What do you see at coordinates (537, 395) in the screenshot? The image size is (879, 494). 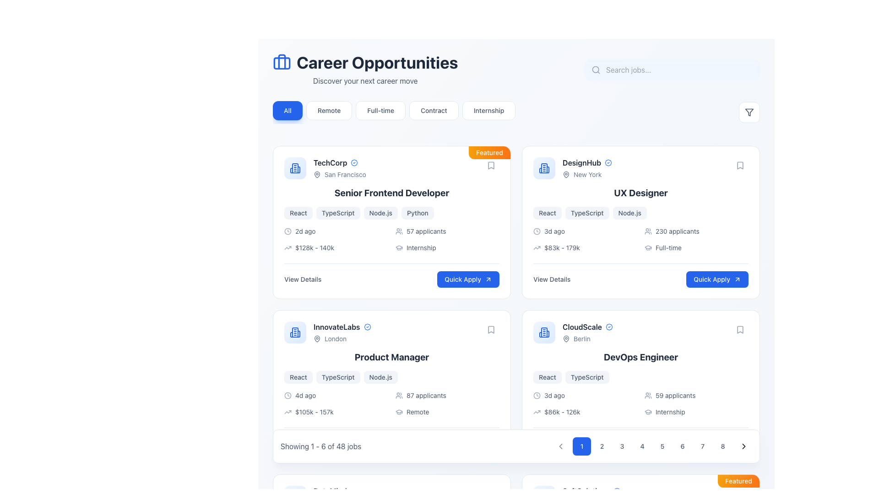 I see `second SVG Circle element within the clock component of the 'CloudScale' job card located near the bottom-right corner` at bounding box center [537, 395].